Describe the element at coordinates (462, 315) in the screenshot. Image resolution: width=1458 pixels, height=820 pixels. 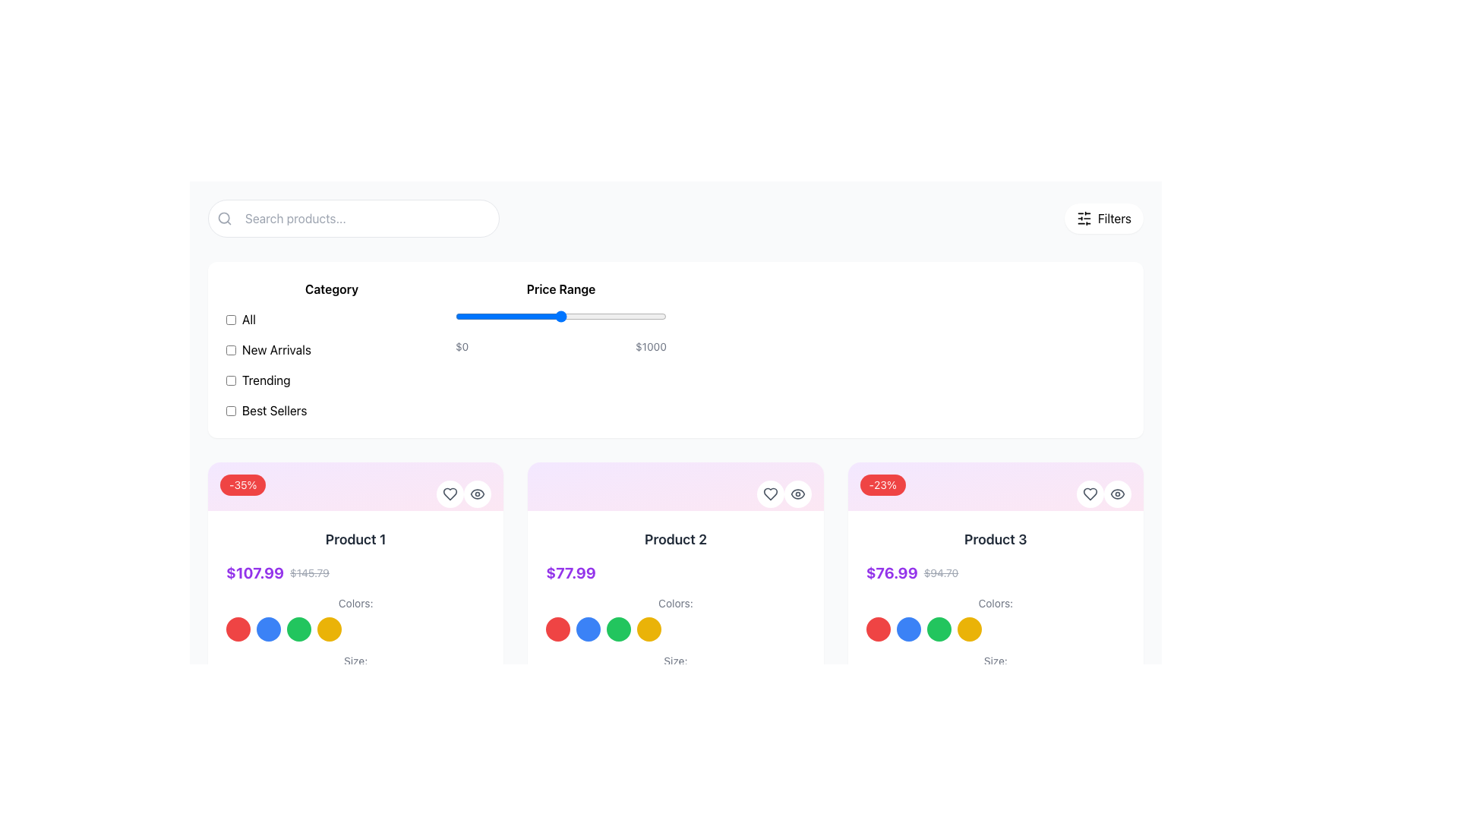
I see `the price range` at that location.